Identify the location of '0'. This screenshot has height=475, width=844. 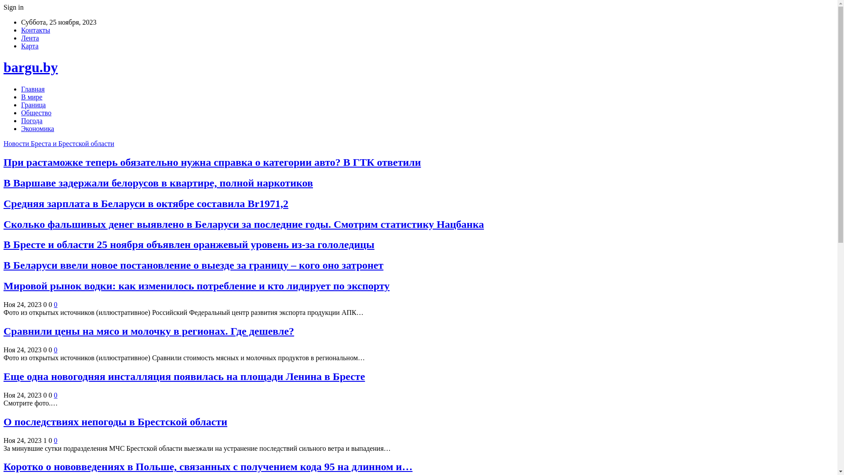
(55, 349).